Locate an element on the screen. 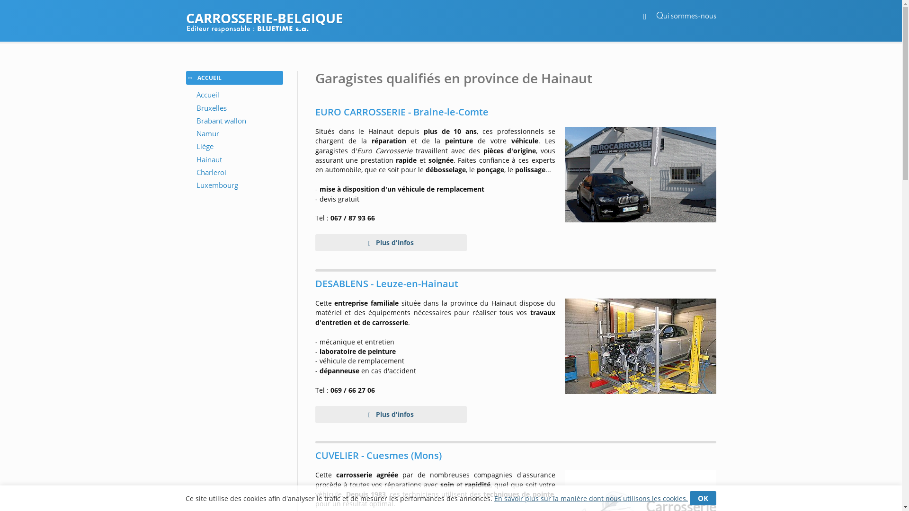  'Plus d'infos' is located at coordinates (391, 414).